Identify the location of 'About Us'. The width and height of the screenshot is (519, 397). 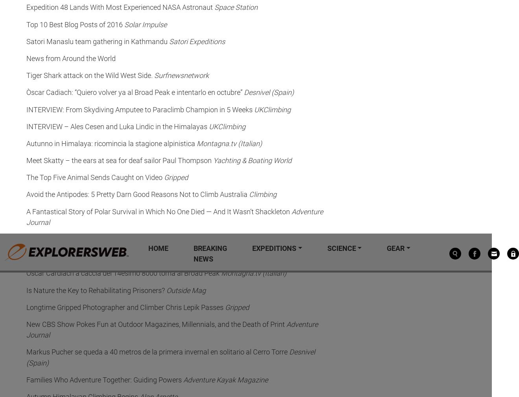
(37, 151).